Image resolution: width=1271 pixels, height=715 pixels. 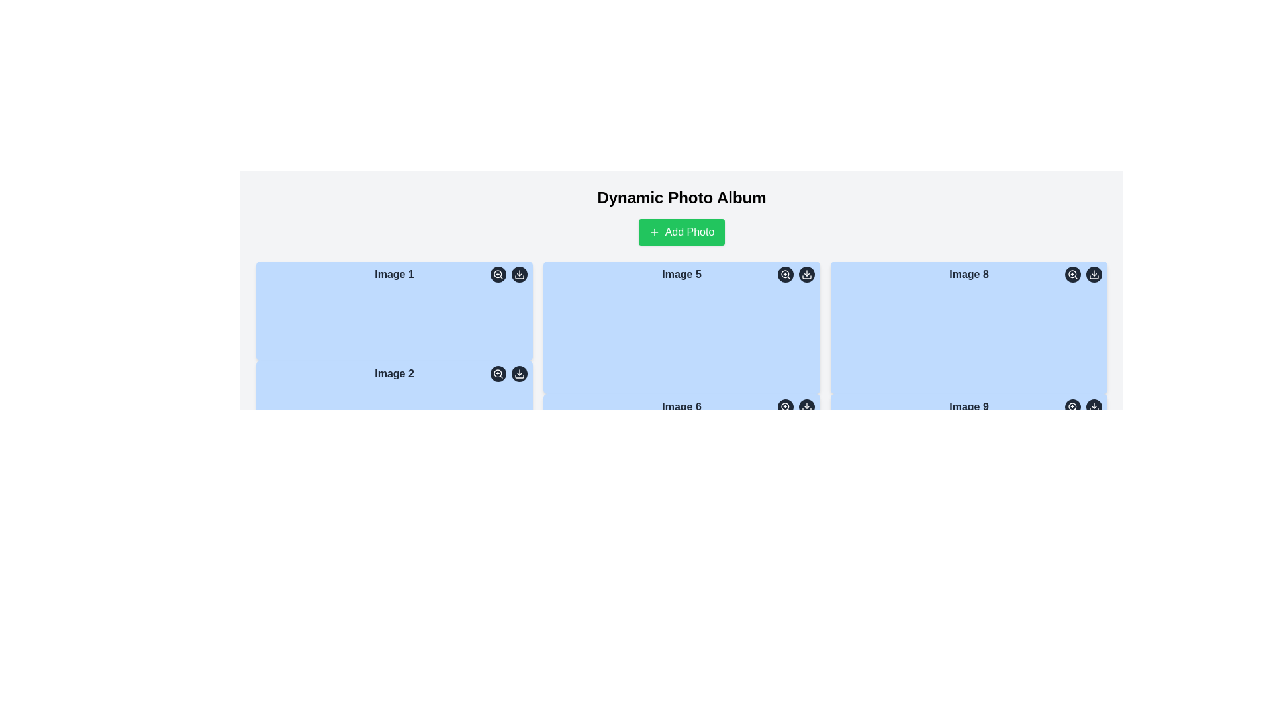 I want to click on the button located in the top-right corner of the section displaying 'Image 8', so click(x=1094, y=274).